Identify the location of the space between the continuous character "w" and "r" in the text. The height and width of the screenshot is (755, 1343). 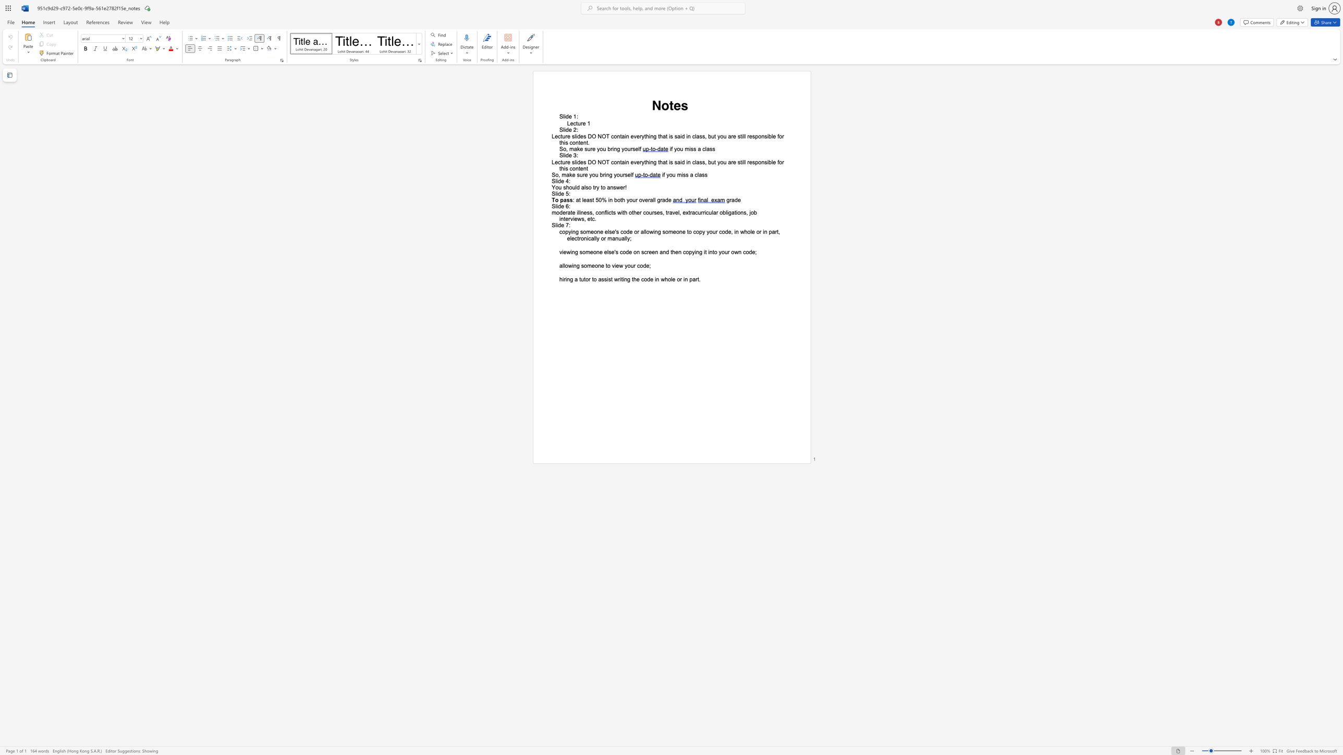
(617, 279).